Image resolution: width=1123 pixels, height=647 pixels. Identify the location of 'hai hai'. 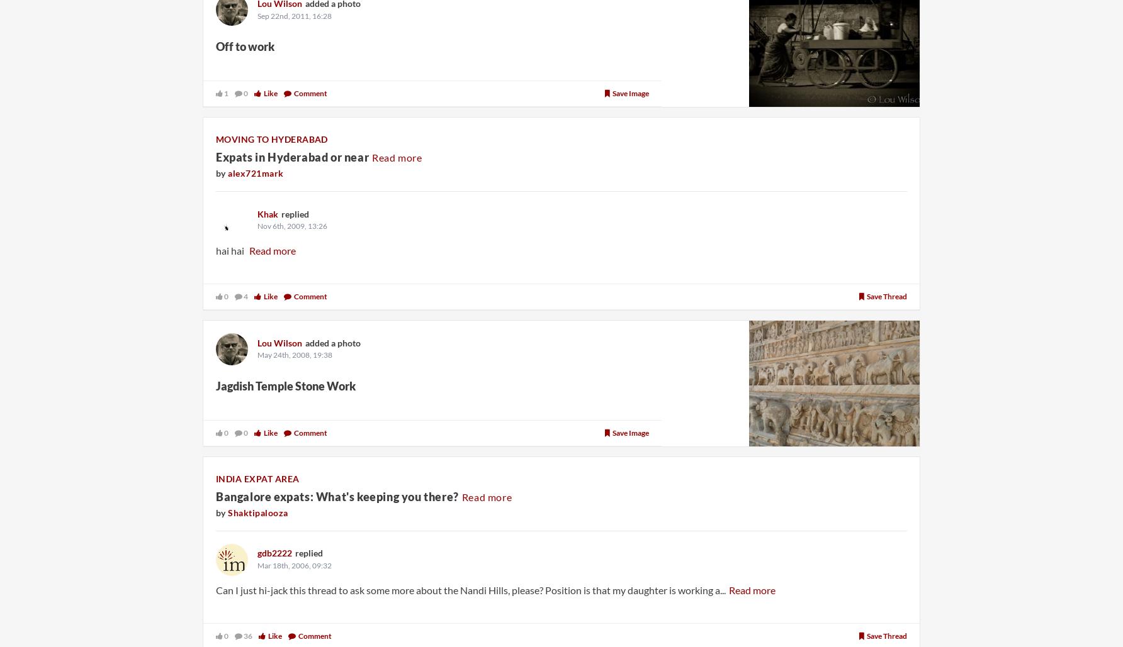
(230, 249).